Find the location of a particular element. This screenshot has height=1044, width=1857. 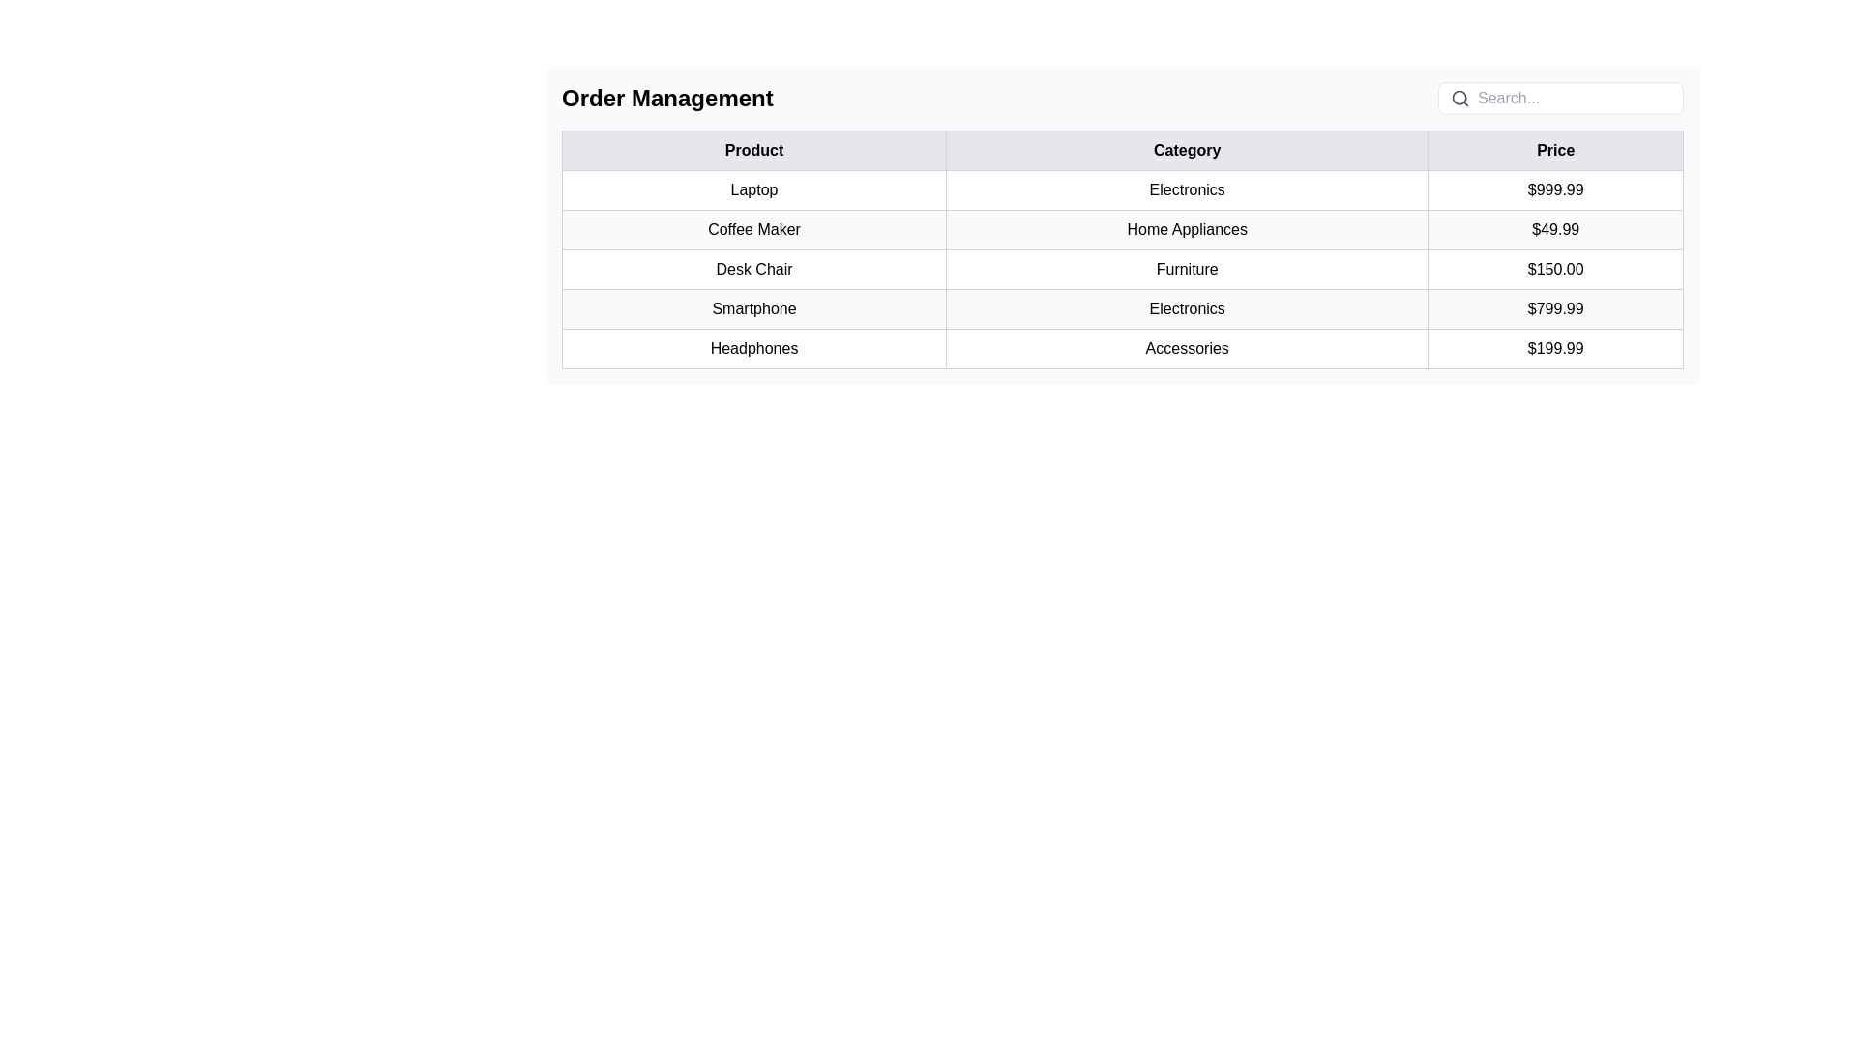

the table header labeled 'Price', which has bold black text on a light gray background and is styled with a border is located at coordinates (1555, 149).